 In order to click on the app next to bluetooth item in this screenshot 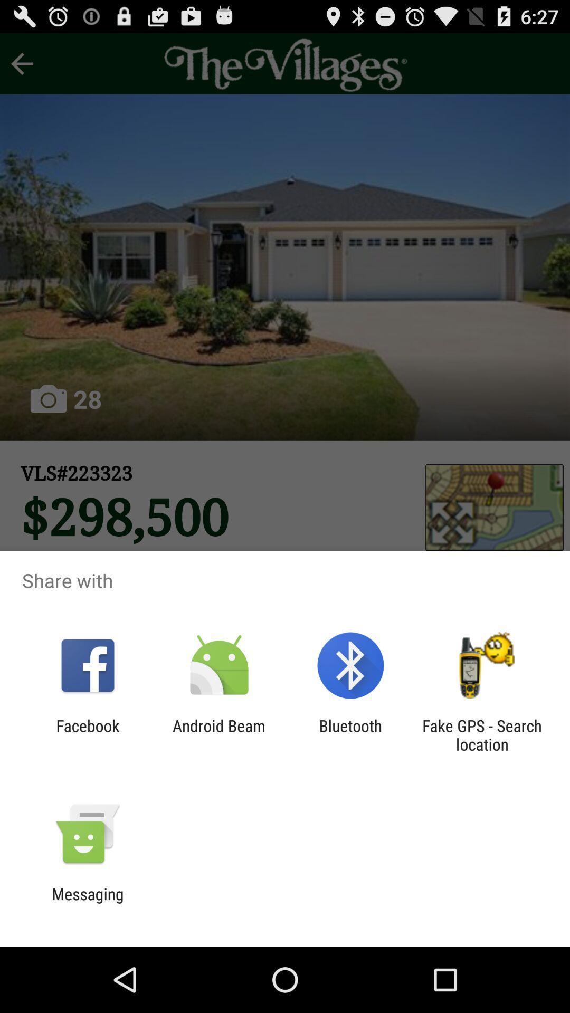, I will do `click(218, 734)`.